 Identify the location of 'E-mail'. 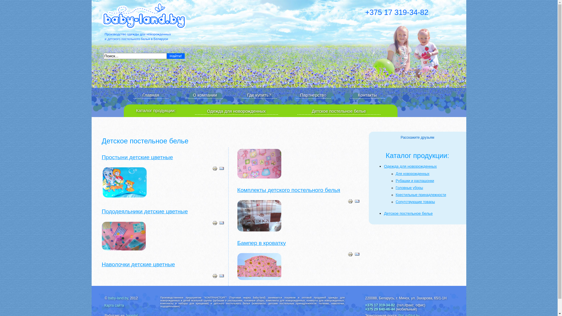
(221, 224).